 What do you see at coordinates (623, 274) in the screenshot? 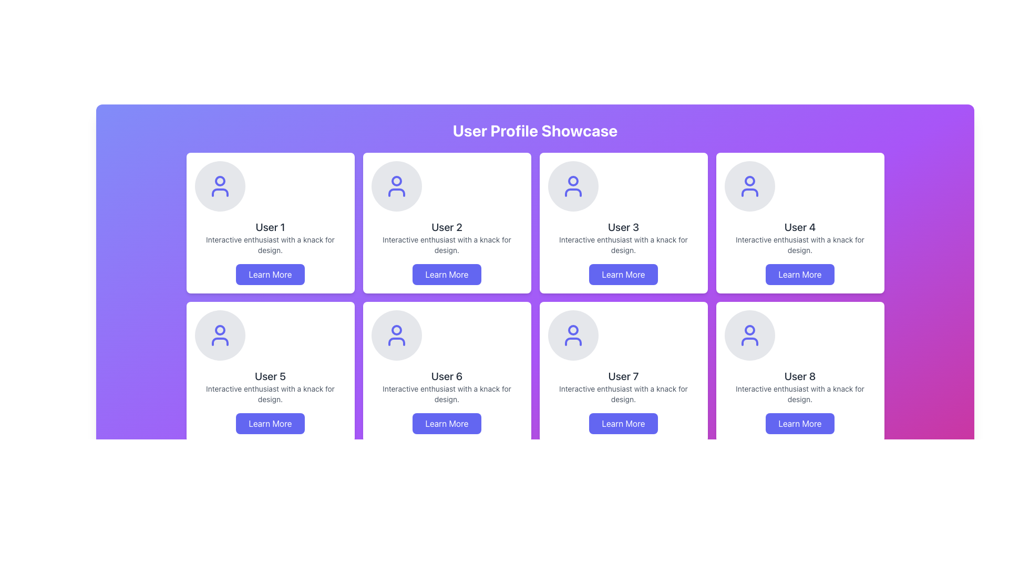
I see `the 'Learn More' button with rounded corners, indigo background, and white text located at the bottom center of the card titled 'User 3'` at bounding box center [623, 274].